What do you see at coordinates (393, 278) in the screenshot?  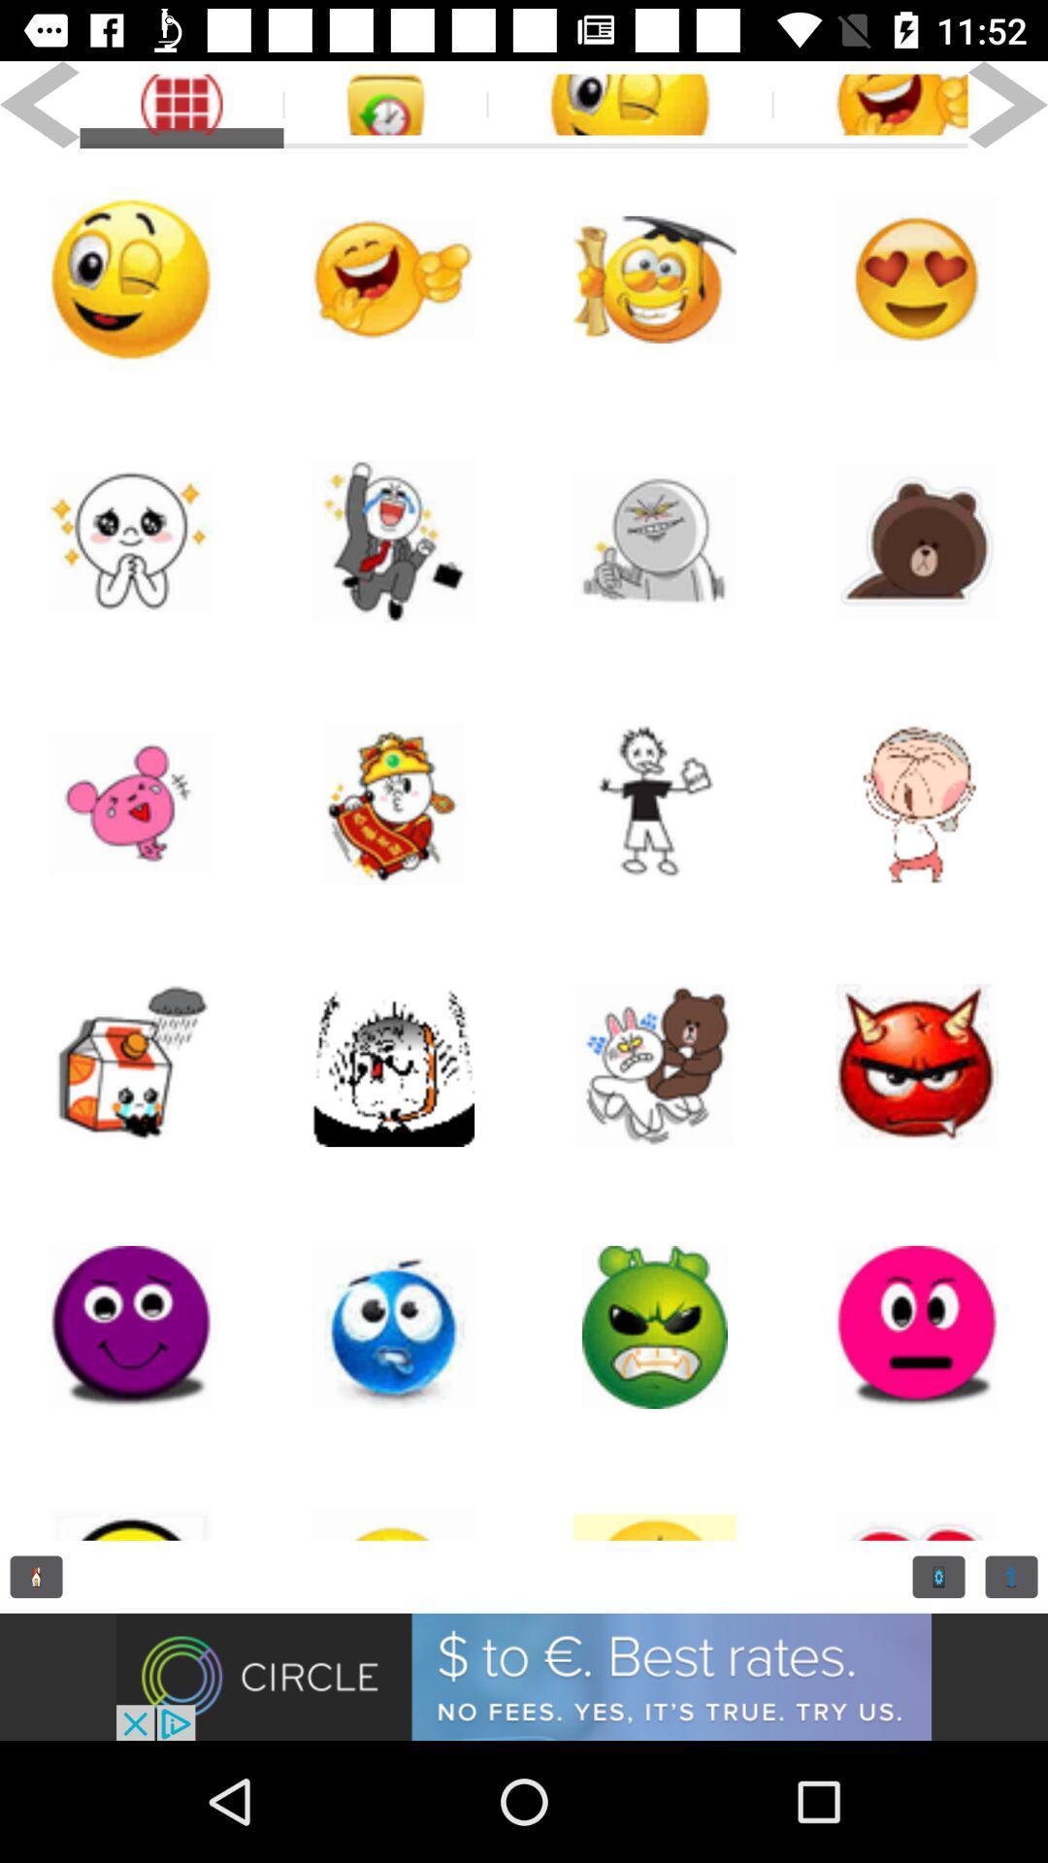 I see `emoji` at bounding box center [393, 278].